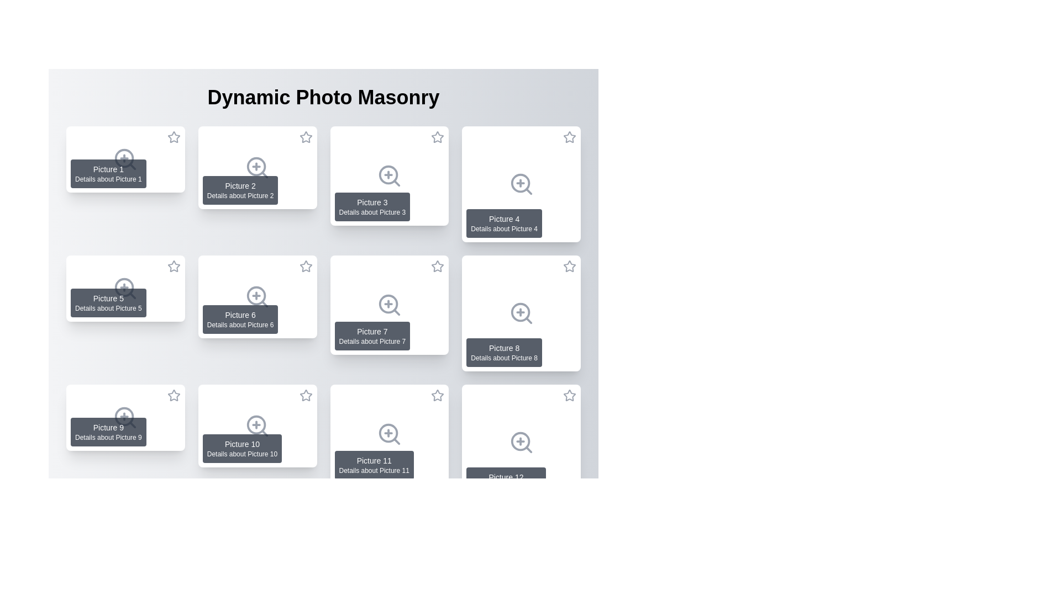 Image resolution: width=1061 pixels, height=596 pixels. Describe the element at coordinates (521, 184) in the screenshot. I see `the icon button displaying a magnifying glass overlaying a plus sign, located in the top-right corner of the fourth card under 'Dynamic Photo Masonry'` at that location.